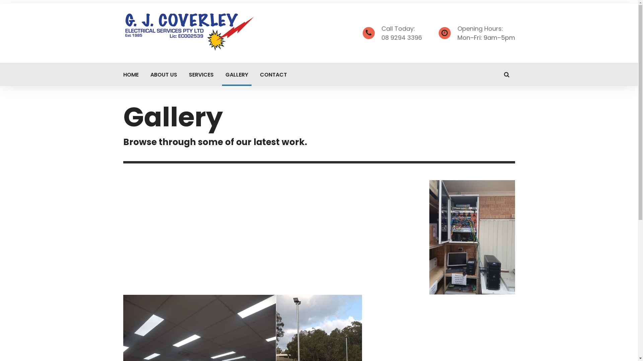 Image resolution: width=643 pixels, height=361 pixels. What do you see at coordinates (236, 74) in the screenshot?
I see `'GALLERY'` at bounding box center [236, 74].